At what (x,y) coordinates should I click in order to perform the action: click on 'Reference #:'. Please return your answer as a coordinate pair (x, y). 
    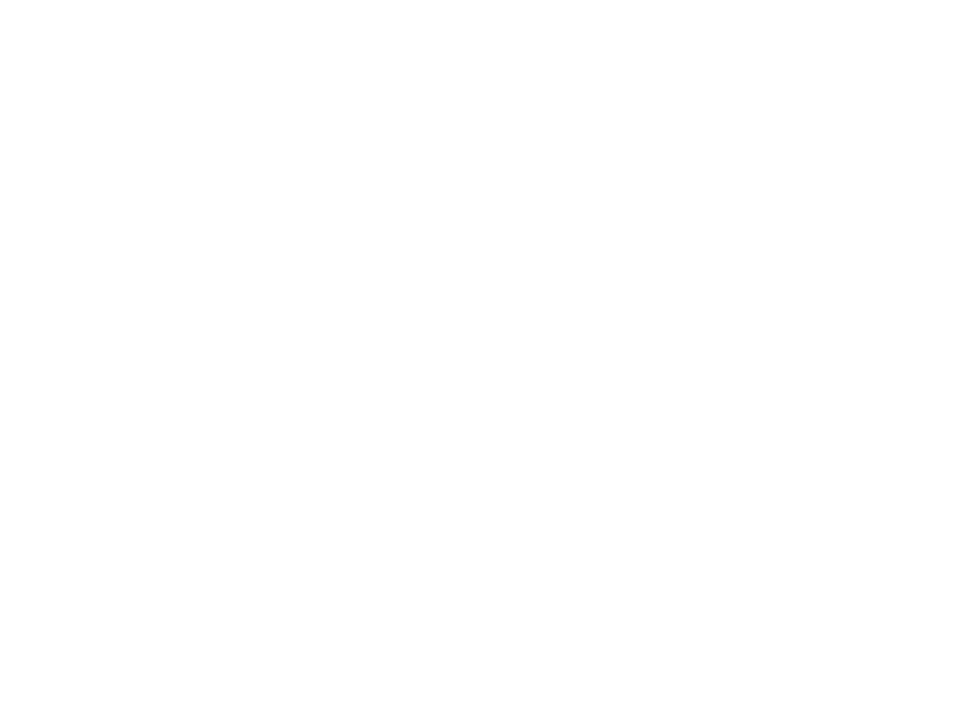
    Looking at the image, I should click on (64, 424).